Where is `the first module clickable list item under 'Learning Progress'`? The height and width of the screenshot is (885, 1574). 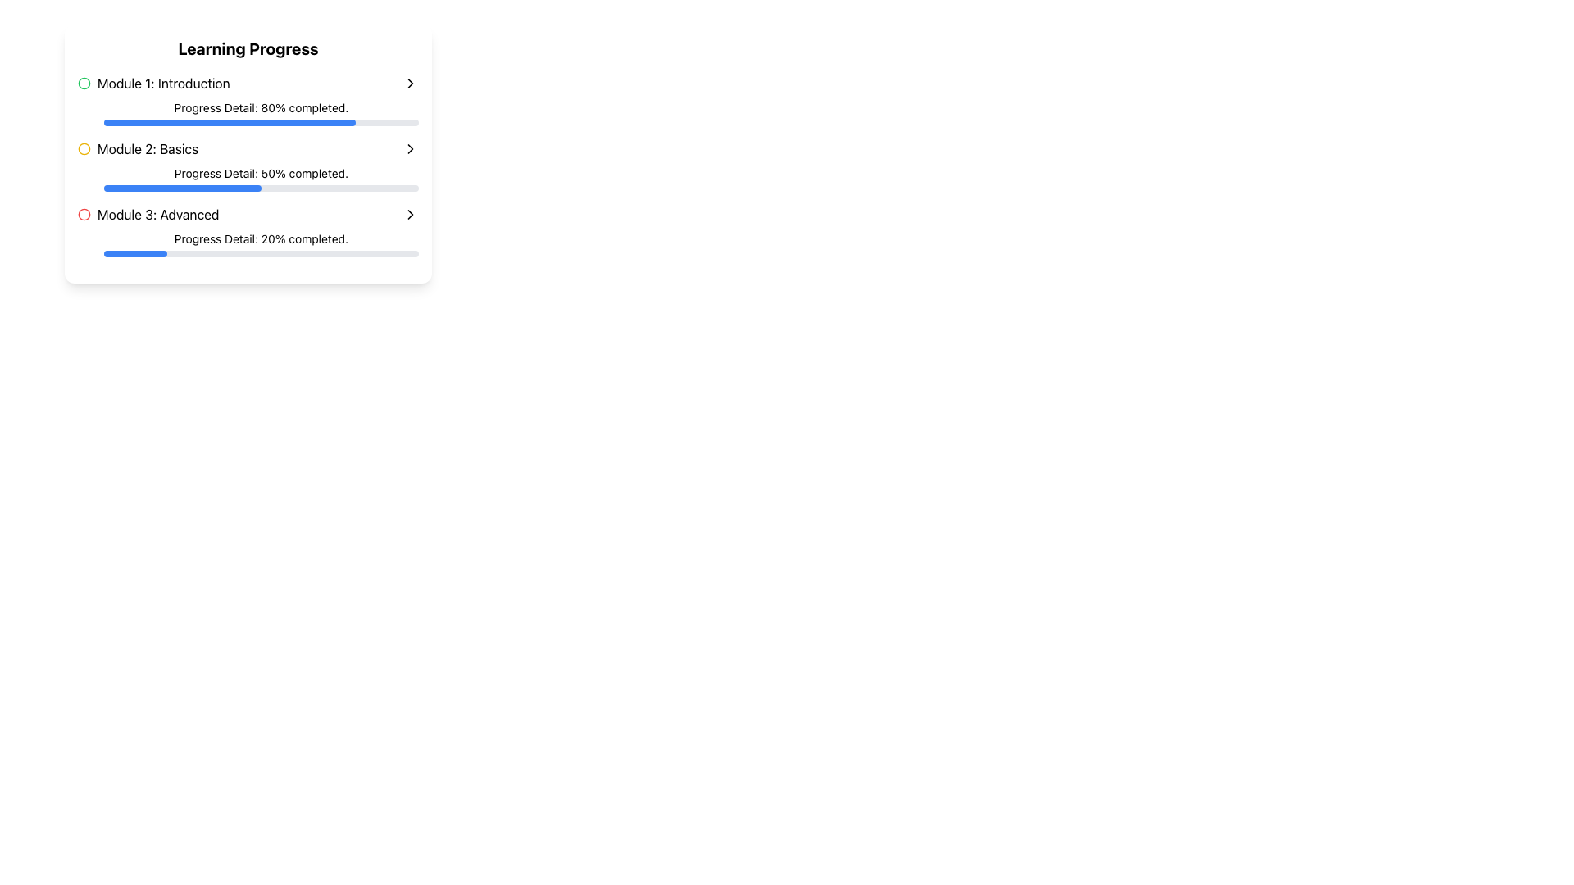 the first module clickable list item under 'Learning Progress' is located at coordinates (247, 83).